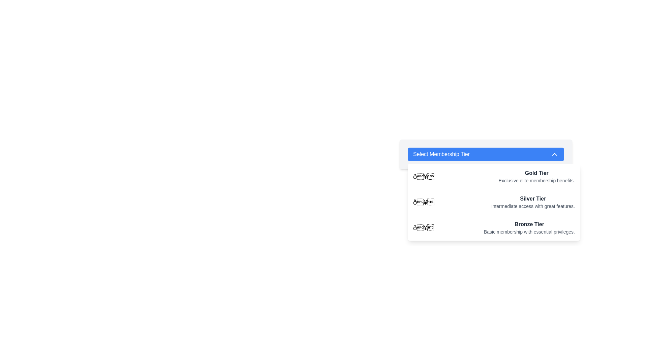 This screenshot has height=364, width=647. What do you see at coordinates (529, 224) in the screenshot?
I see `the 'Bronze Tier' text label, which is bold and dark, located in the 'Select Membership Tier' dropdown menu, just above the 'Basic membership with essential privileges' description` at bounding box center [529, 224].